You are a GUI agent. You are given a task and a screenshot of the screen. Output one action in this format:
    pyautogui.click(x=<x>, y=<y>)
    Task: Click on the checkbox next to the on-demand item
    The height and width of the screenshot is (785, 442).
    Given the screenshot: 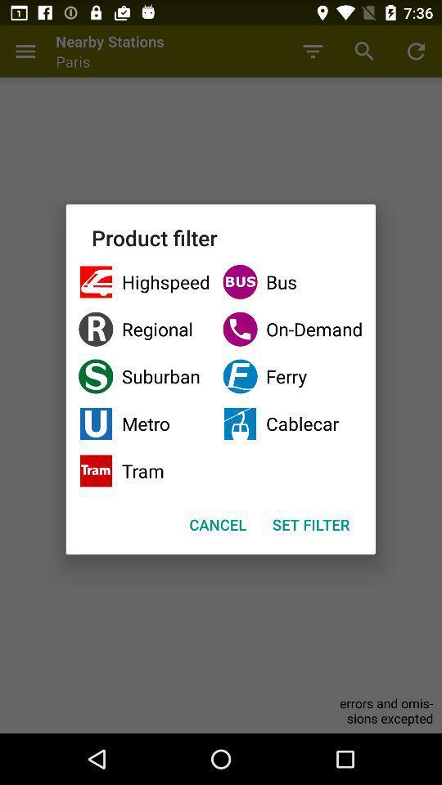 What is the action you would take?
    pyautogui.click(x=144, y=376)
    